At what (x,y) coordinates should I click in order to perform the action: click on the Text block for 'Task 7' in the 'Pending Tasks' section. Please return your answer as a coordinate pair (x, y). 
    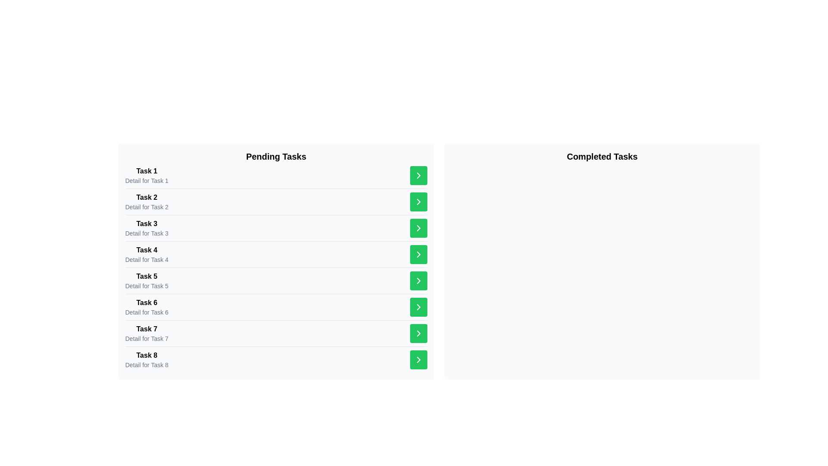
    Looking at the image, I should click on (147, 333).